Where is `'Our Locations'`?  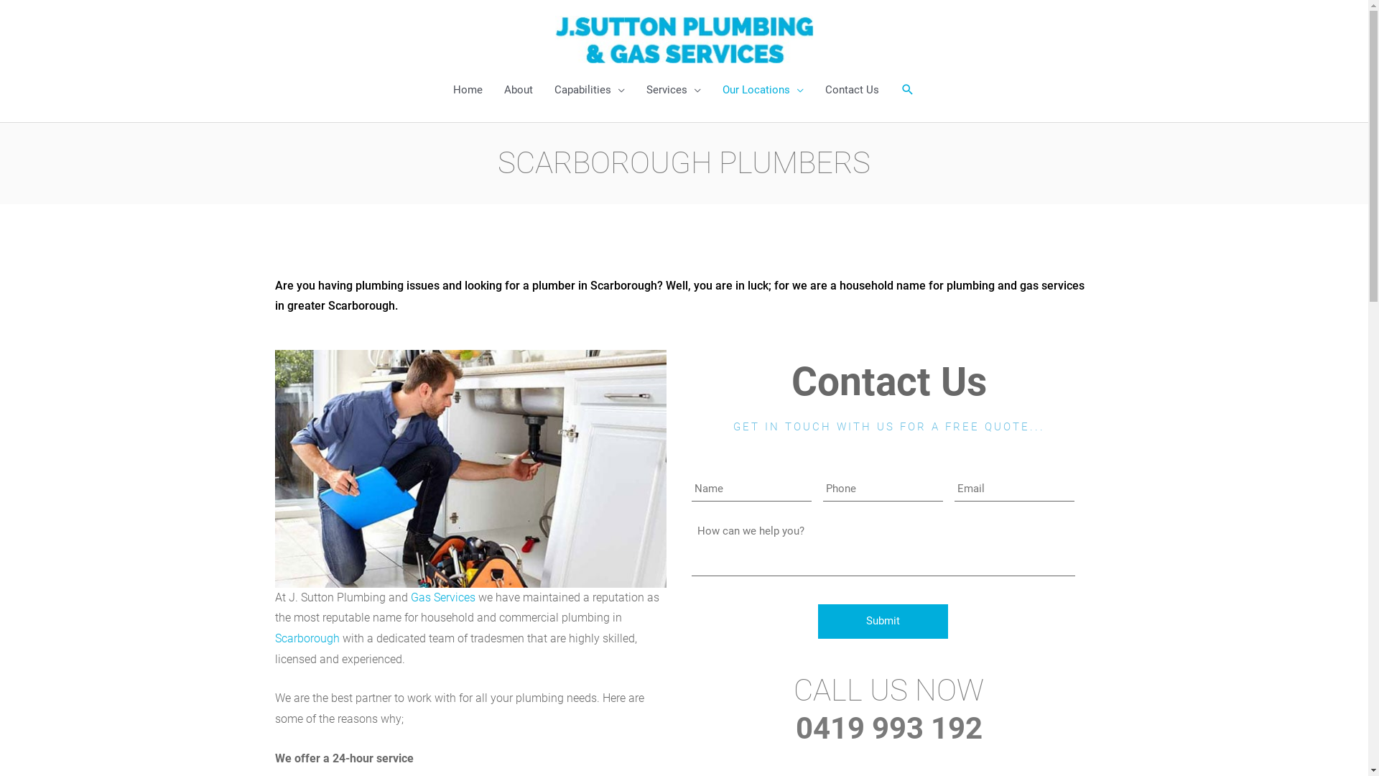 'Our Locations' is located at coordinates (762, 89).